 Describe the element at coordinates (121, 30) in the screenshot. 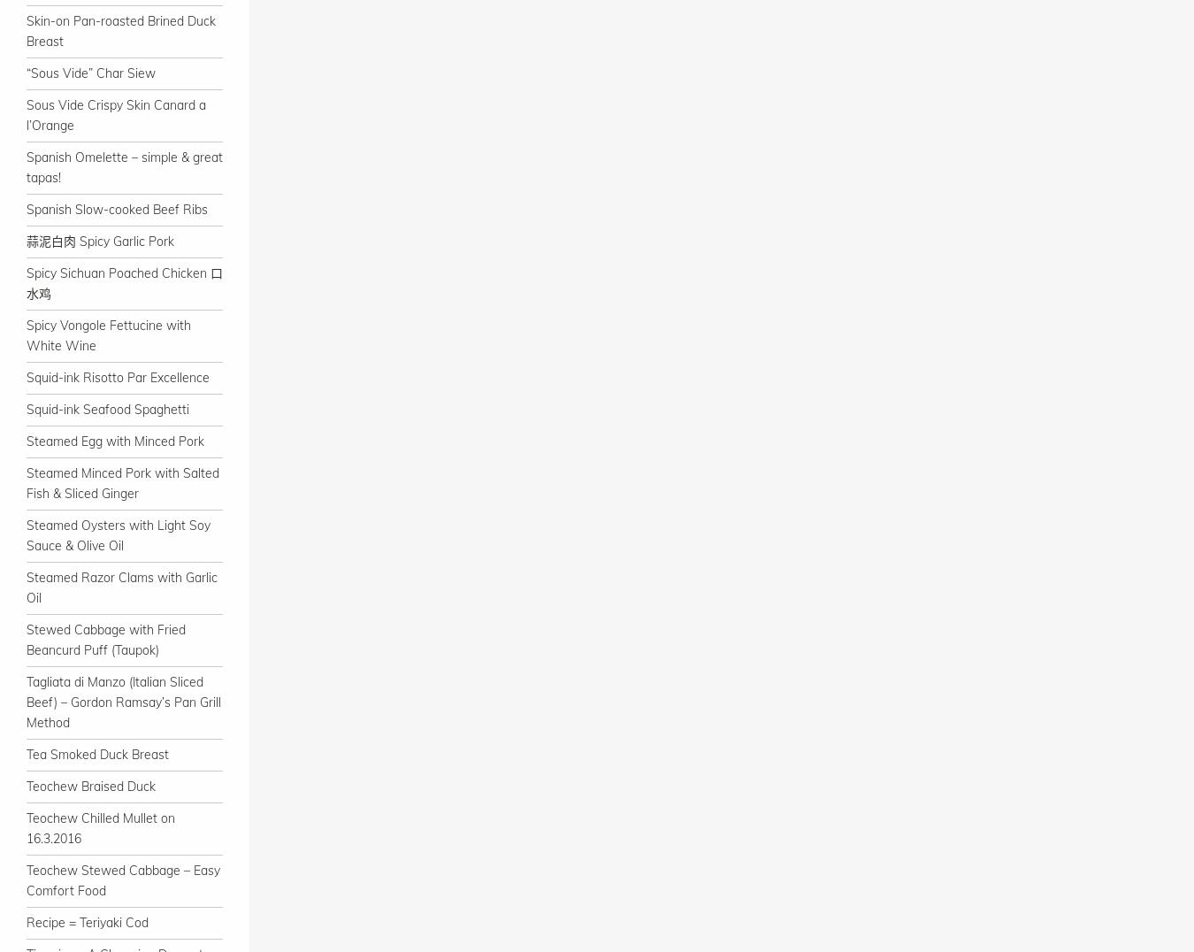

I see `'Skin-on Pan-roasted Brined Duck Breast'` at that location.